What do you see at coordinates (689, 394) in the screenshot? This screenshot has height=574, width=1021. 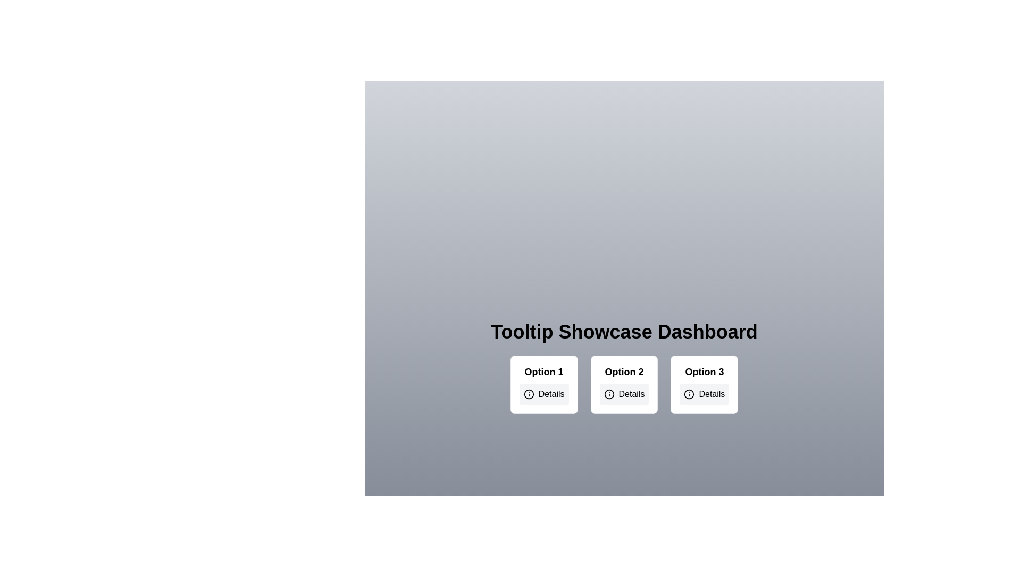 I see `the circular 'info' icon inside the 'Details' button of Option 3` at bounding box center [689, 394].